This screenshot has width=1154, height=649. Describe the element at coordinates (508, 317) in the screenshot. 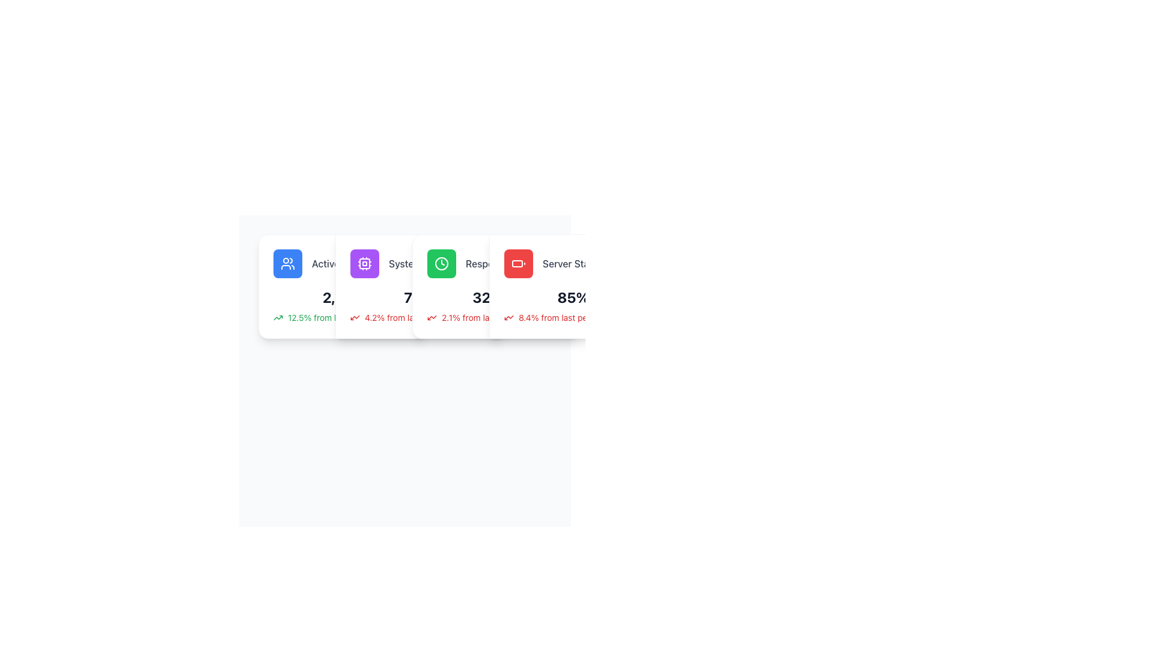

I see `the downward trending icon located to the left of the text '8.4% from last period' in the lower-right quadrant of the interface layout` at that location.